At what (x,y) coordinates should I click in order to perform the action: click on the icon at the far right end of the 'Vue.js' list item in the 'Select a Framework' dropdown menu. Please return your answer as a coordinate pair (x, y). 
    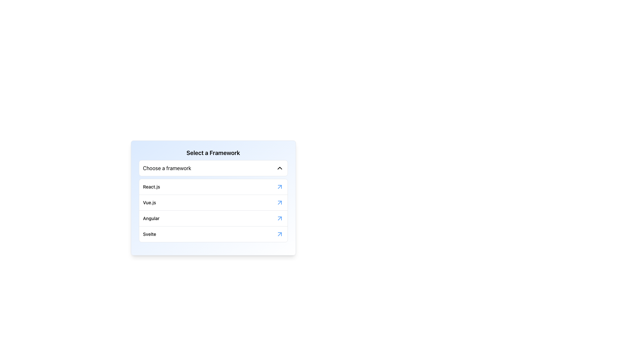
    Looking at the image, I should click on (280, 202).